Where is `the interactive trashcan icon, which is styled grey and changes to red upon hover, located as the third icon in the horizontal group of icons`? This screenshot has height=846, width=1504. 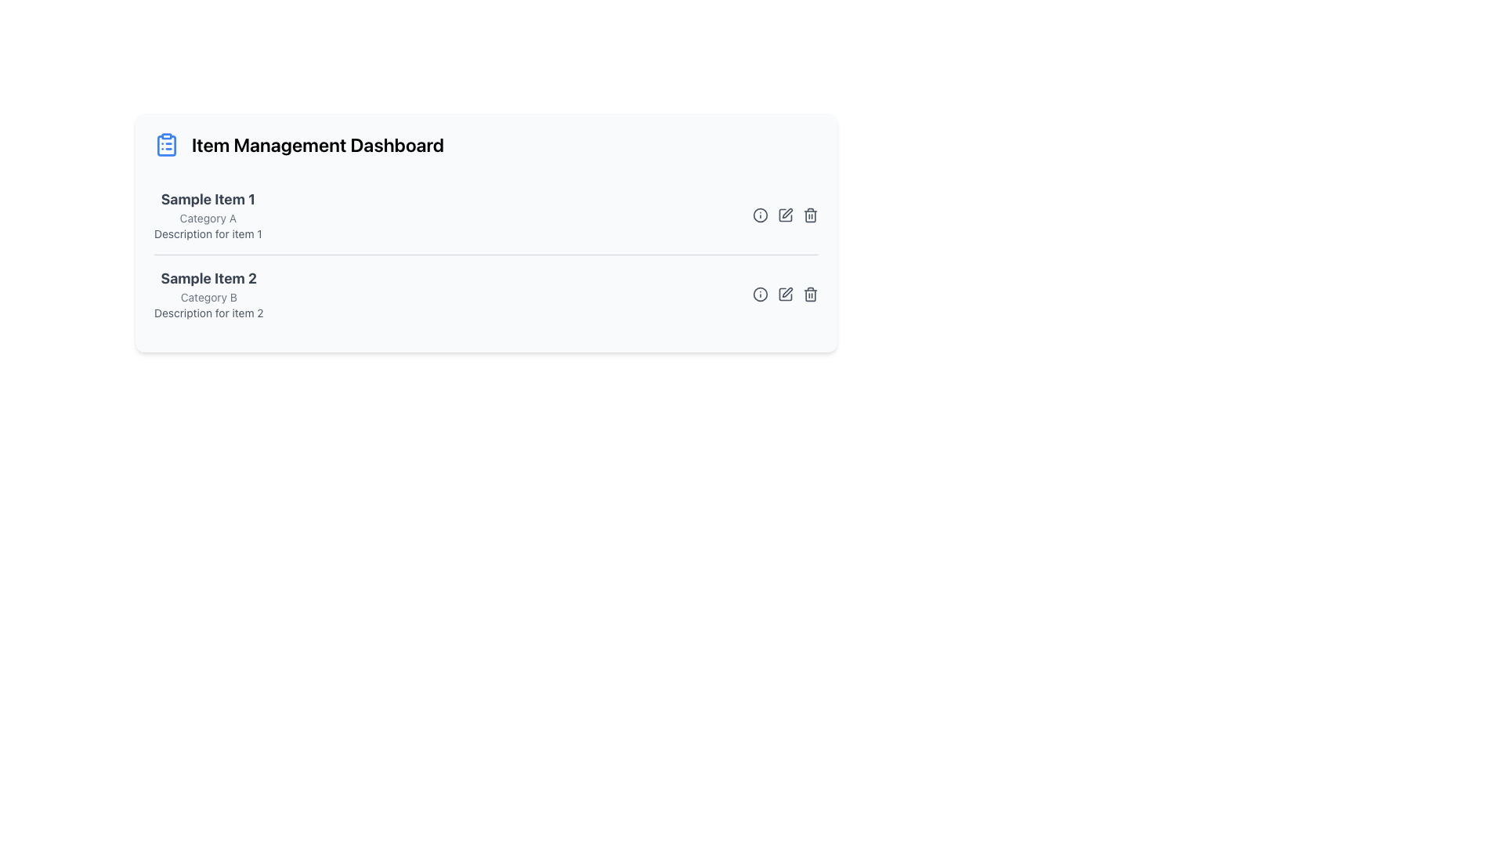 the interactive trashcan icon, which is styled grey and changes to red upon hover, located as the third icon in the horizontal group of icons is located at coordinates (811, 294).